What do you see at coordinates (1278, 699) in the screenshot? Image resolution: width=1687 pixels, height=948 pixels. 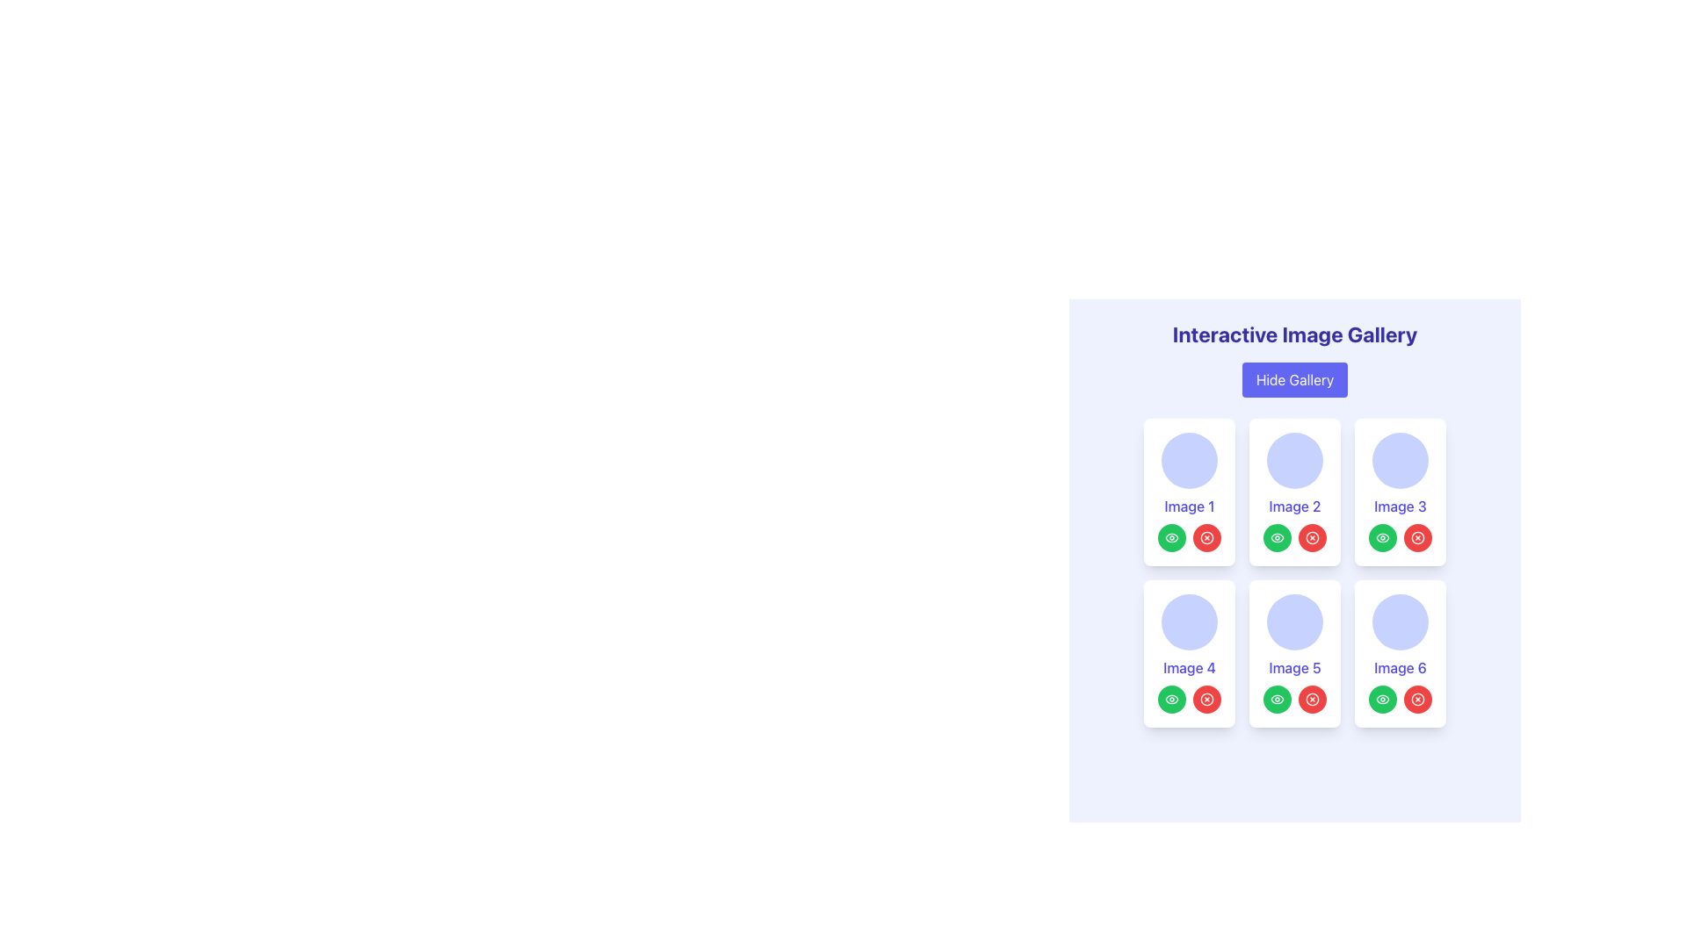 I see `the eye icon button with a green background located in the control section of the card for 'Image 5' in the 'Interactive Image Gallery'` at bounding box center [1278, 699].